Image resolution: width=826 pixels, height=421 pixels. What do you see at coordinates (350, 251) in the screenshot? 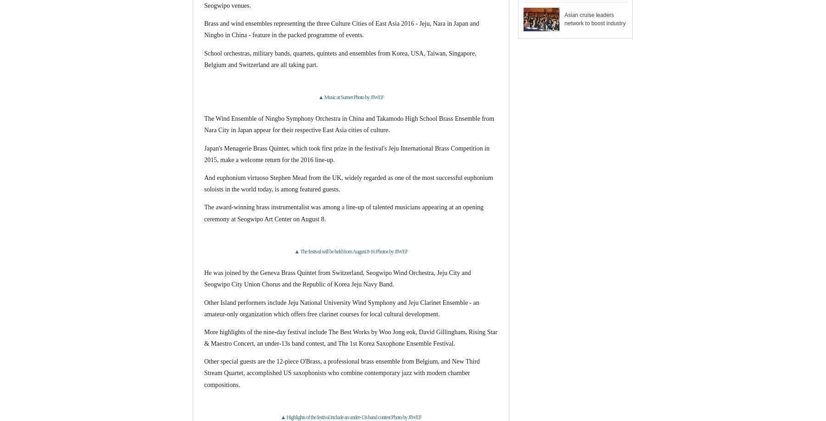
I see `'▲ The festival will be held from August 8-16 Photos by JIWEF'` at bounding box center [350, 251].